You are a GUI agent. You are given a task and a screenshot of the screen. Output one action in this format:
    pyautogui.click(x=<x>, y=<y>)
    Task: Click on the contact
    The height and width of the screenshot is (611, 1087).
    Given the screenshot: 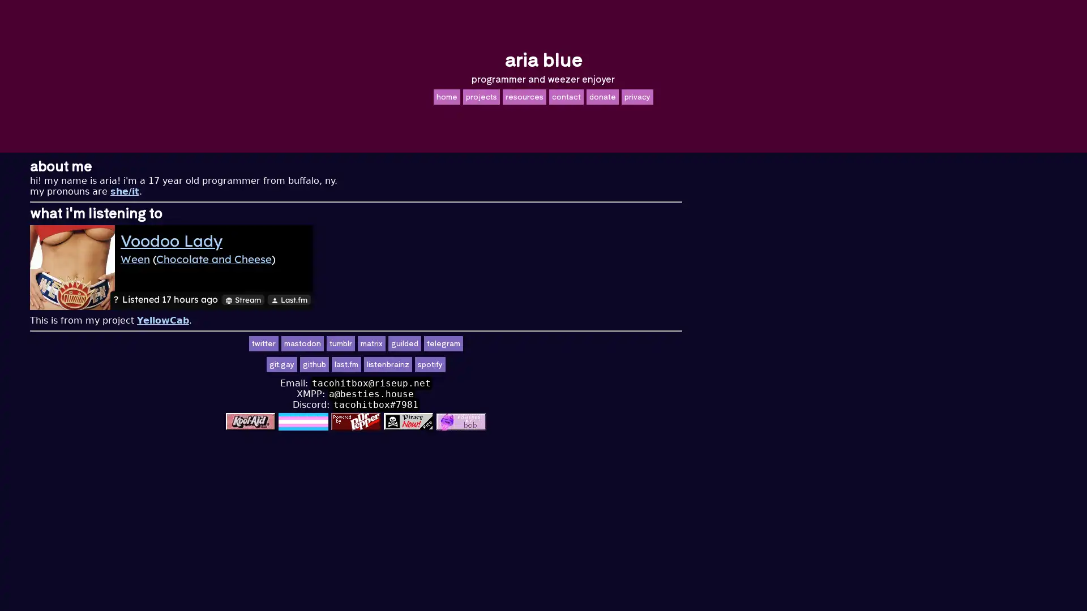 What is the action you would take?
    pyautogui.click(x=566, y=96)
    